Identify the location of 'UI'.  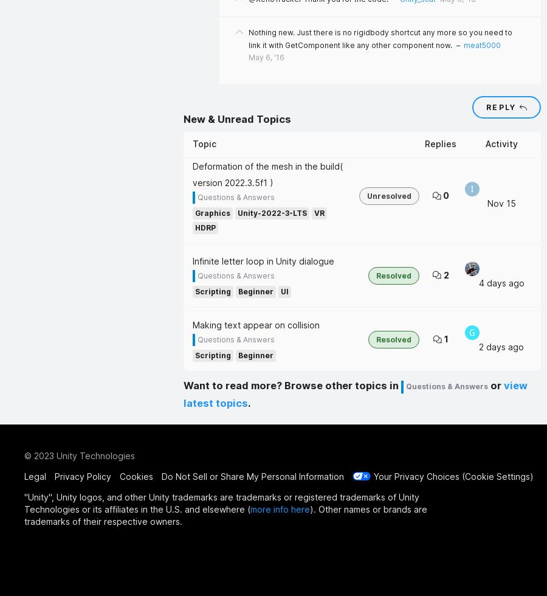
(284, 291).